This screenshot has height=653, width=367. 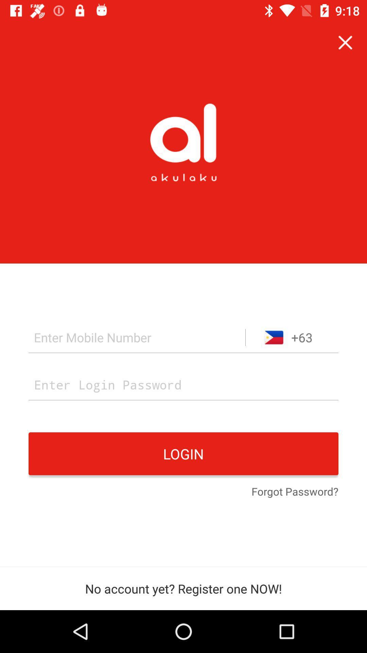 What do you see at coordinates (295, 492) in the screenshot?
I see `item below the login item` at bounding box center [295, 492].